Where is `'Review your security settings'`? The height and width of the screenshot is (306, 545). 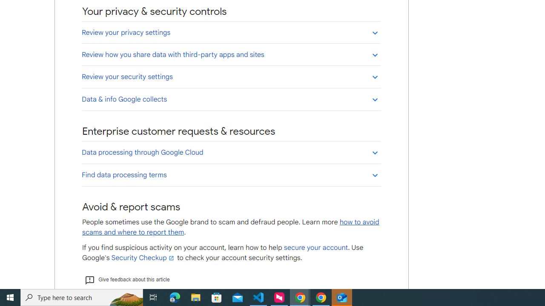 'Review your security settings' is located at coordinates (231, 76).